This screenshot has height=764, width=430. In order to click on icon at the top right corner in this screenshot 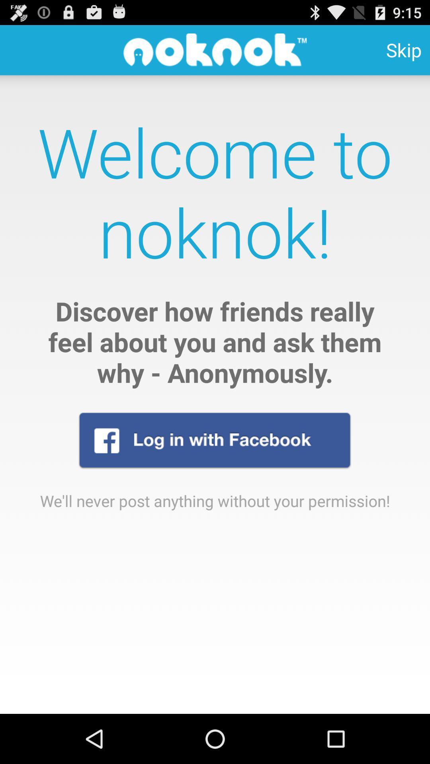, I will do `click(404, 49)`.